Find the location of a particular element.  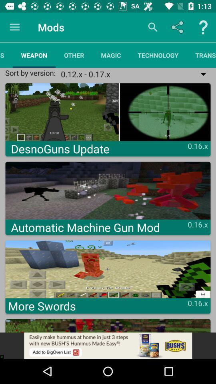

adsense link is located at coordinates (108, 345).